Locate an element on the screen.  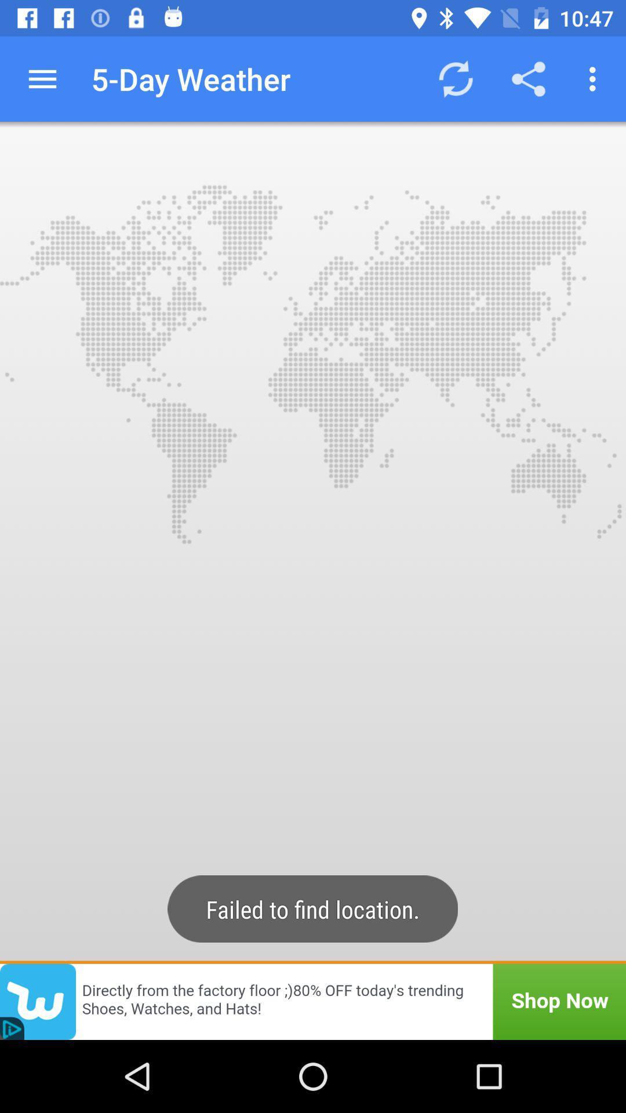
icon next to the 5-day weather icon is located at coordinates (42, 78).